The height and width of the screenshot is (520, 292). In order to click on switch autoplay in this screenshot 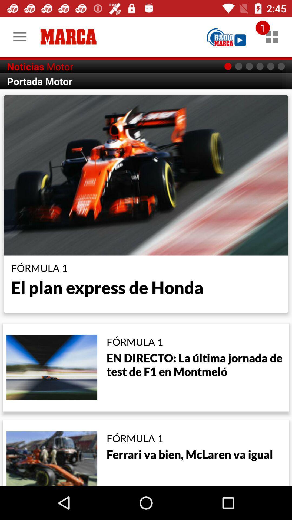, I will do `click(226, 37)`.